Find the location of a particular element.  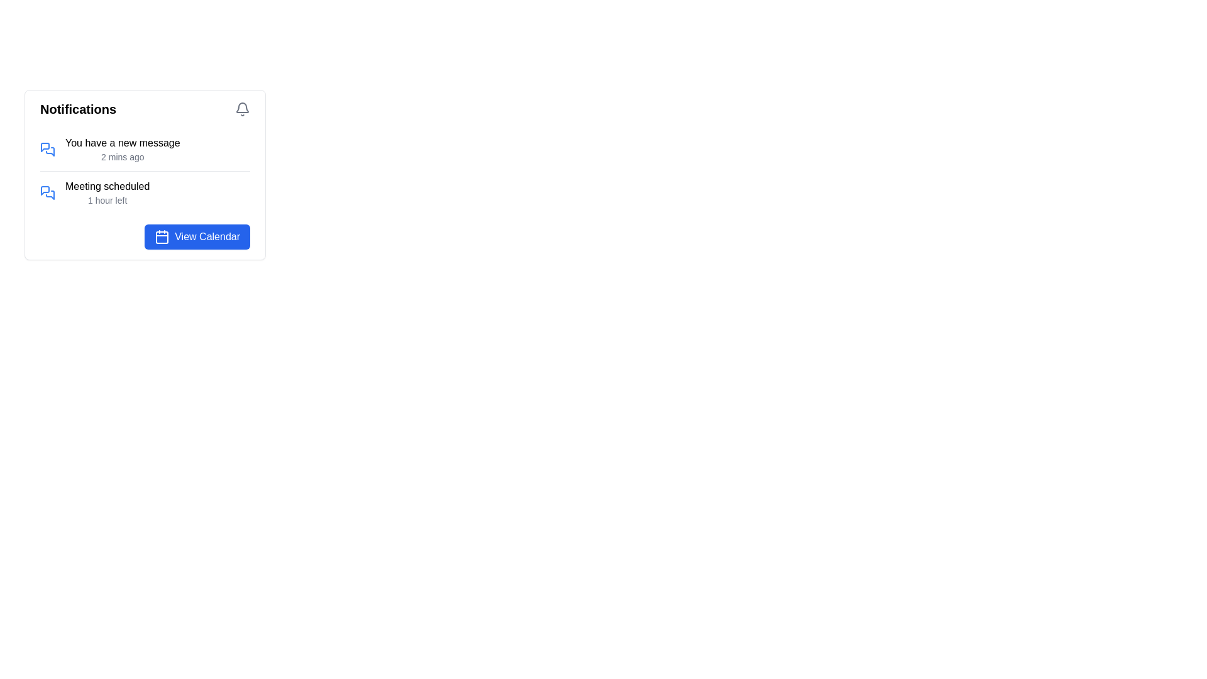

the 'View Calendar' button, which contains a calendar icon is located at coordinates (162, 237).